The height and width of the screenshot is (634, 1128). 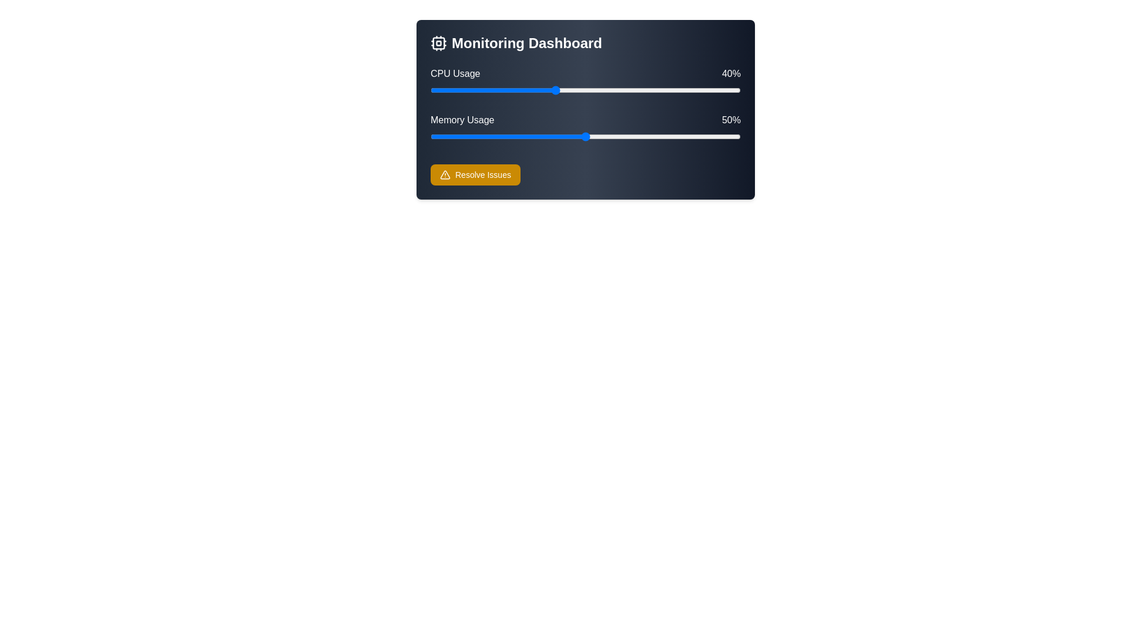 What do you see at coordinates (483, 90) in the screenshot?
I see `CPU usage` at bounding box center [483, 90].